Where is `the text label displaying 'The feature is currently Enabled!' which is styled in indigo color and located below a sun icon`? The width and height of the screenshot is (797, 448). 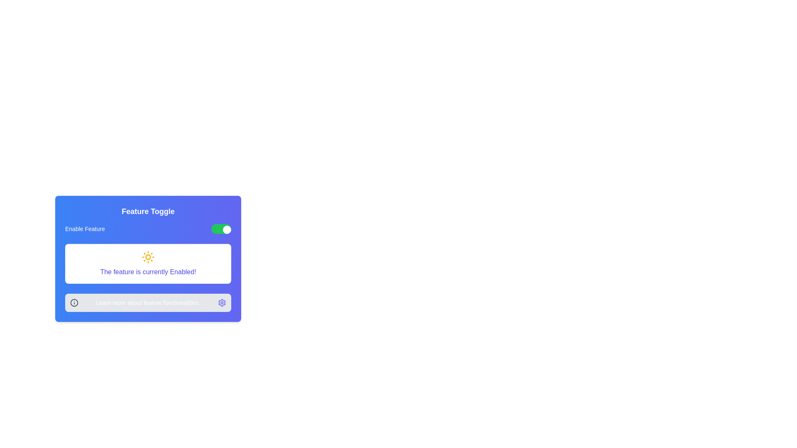 the text label displaying 'The feature is currently Enabled!' which is styled in indigo color and located below a sun icon is located at coordinates (148, 272).